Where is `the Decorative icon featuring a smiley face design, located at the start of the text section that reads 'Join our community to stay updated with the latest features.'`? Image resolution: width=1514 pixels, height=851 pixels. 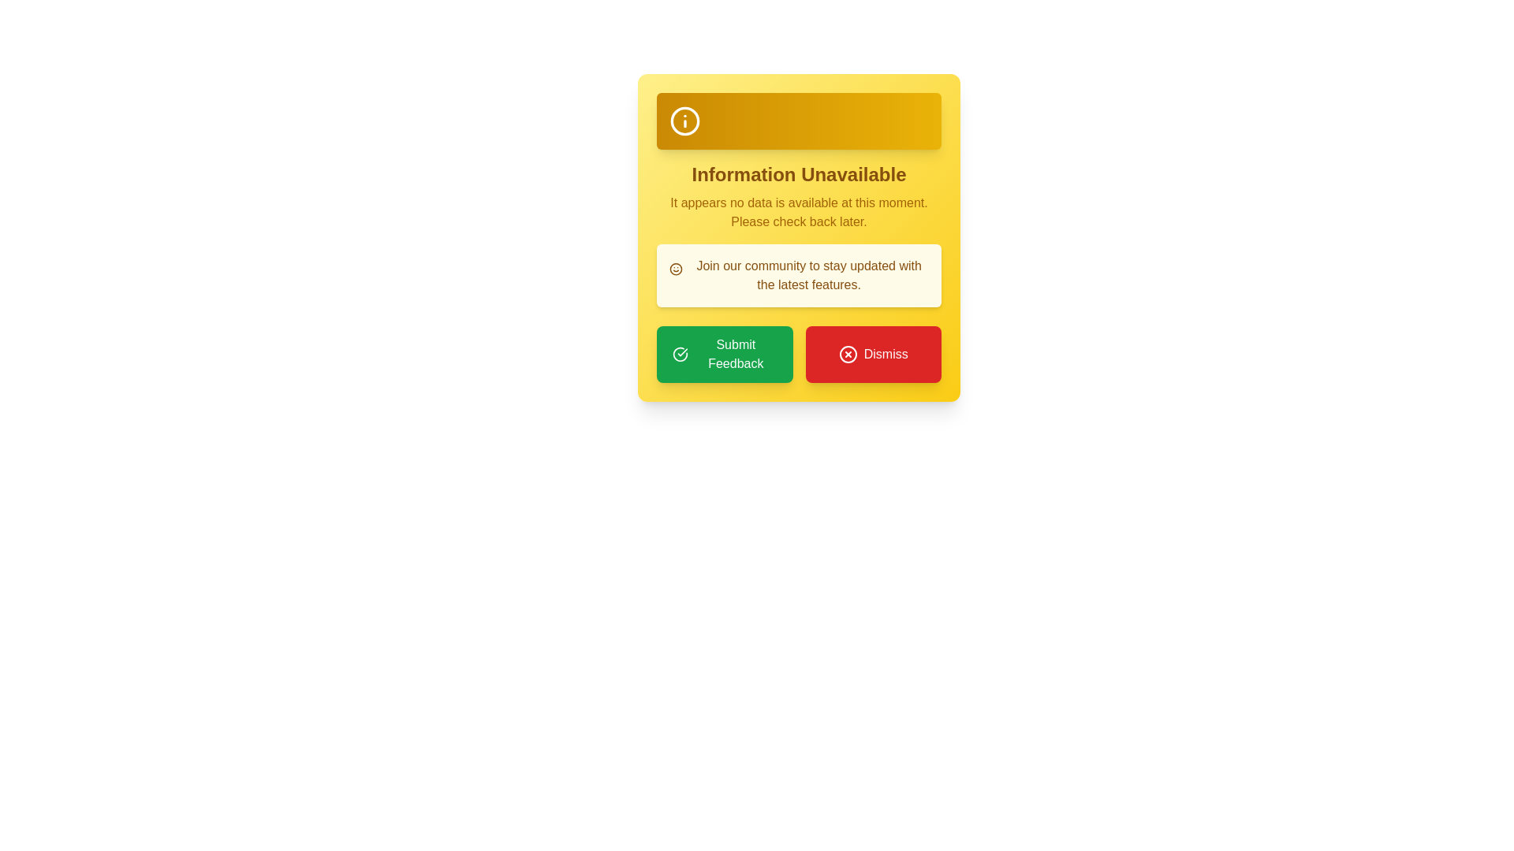
the Decorative icon featuring a smiley face design, located at the start of the text section that reads 'Join our community to stay updated with the latest features.' is located at coordinates (676, 269).